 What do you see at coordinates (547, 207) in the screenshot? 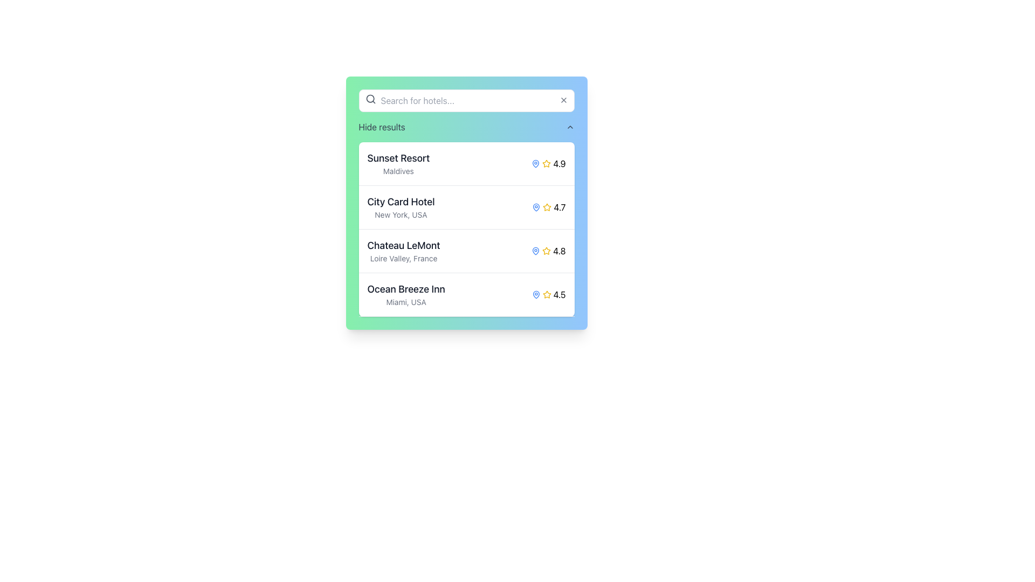
I see `the star icon representing the rating for 'City Card Hotel' in the hotel listing interface, located in the second row adjacent to the rating '4.7'` at bounding box center [547, 207].